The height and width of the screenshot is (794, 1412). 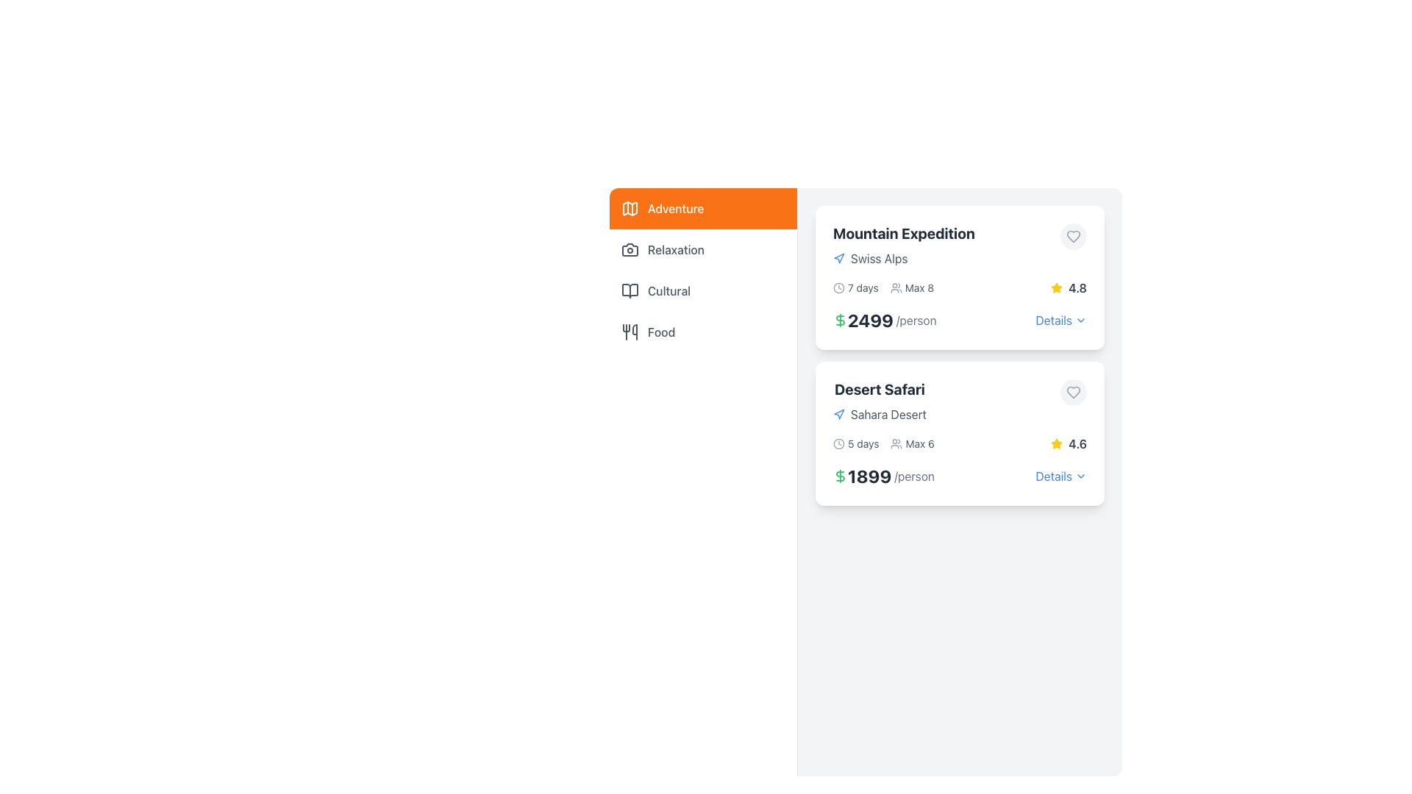 I want to click on the navigation link labeled 'Relaxation' located below 'Adventure' in the vertical menu, so click(x=675, y=248).